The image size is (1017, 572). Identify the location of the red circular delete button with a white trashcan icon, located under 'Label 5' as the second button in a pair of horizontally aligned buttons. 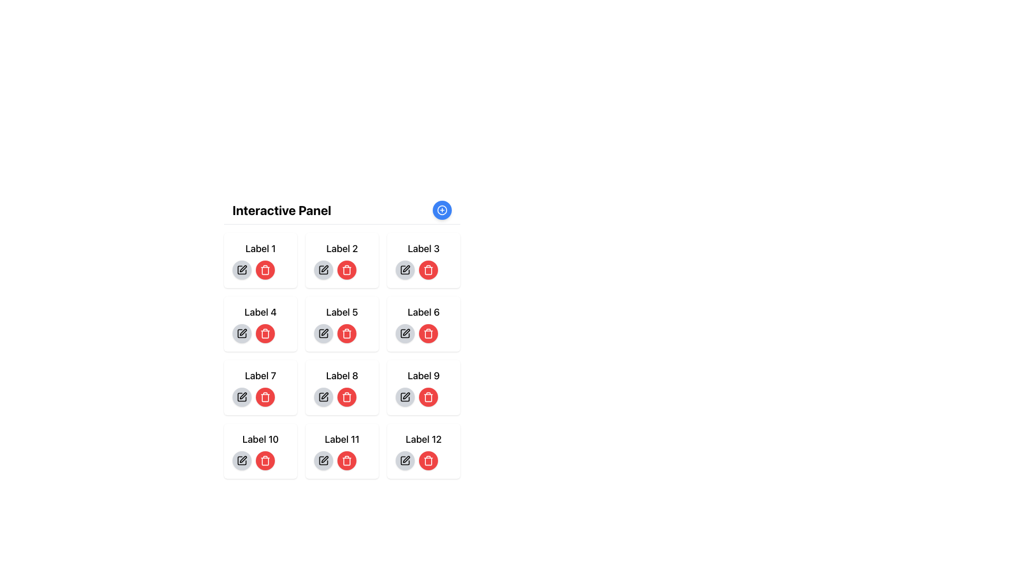
(346, 333).